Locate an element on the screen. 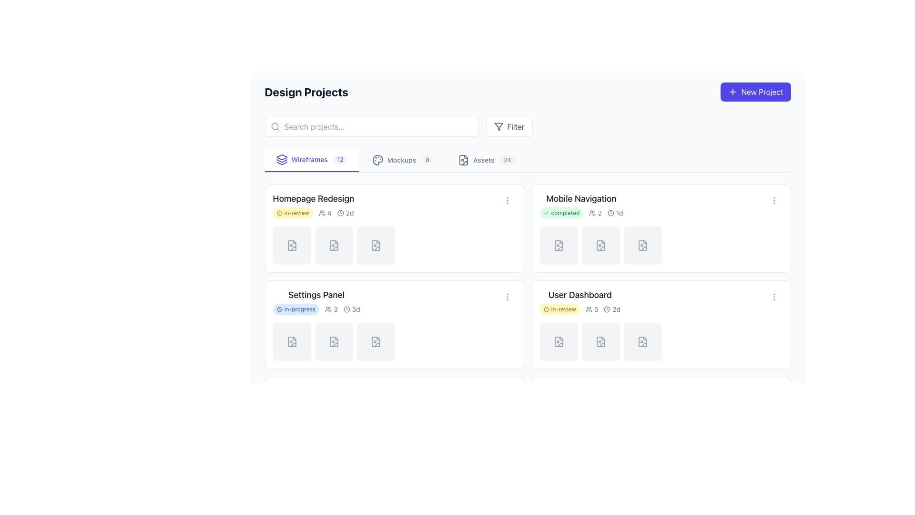 The width and height of the screenshot is (915, 515). the status indicator displaying 'in-review' with metadata showing '4' users and '2d' since last update, located in the 'Homepage Redesign' section is located at coordinates (313, 213).